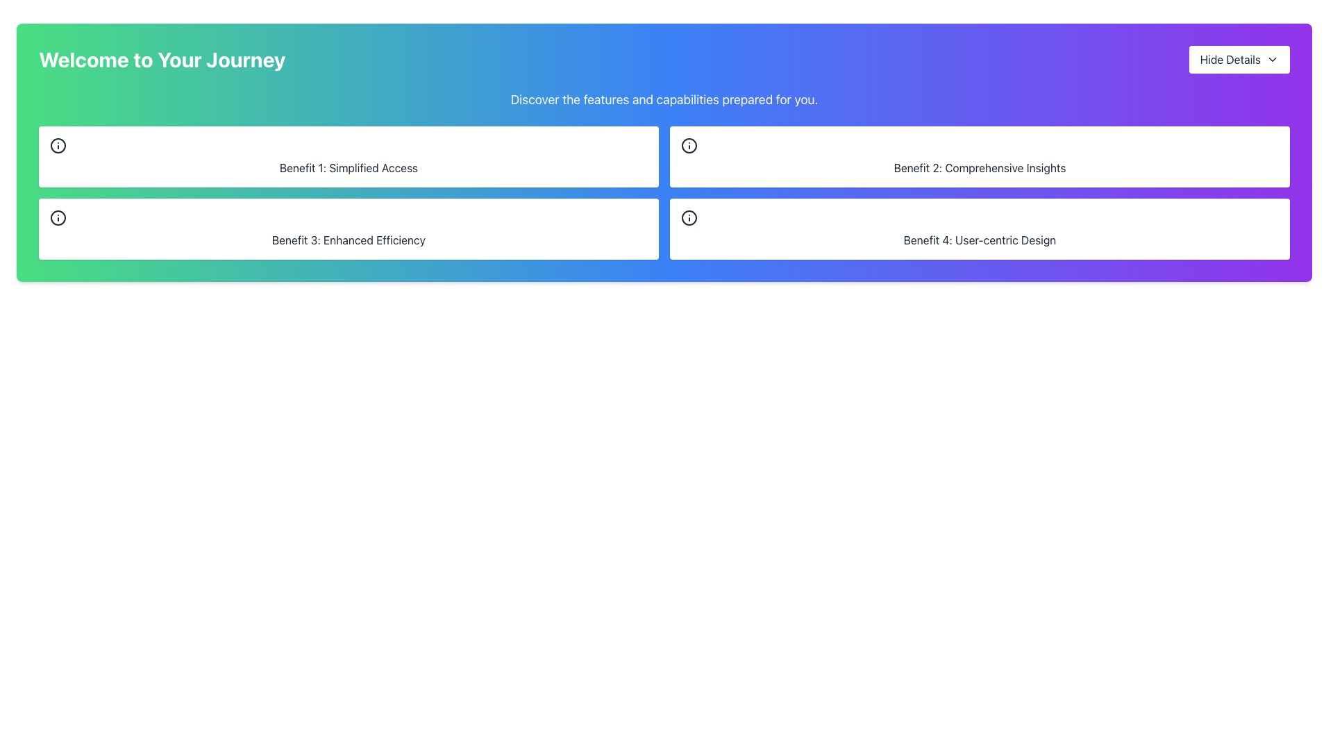 This screenshot has width=1333, height=750. What do you see at coordinates (689, 145) in the screenshot?
I see `the circular SVG element located in the top-right quadrant of the layout, which is styled for clear viewing and serves as a general-purpose graphical element` at bounding box center [689, 145].